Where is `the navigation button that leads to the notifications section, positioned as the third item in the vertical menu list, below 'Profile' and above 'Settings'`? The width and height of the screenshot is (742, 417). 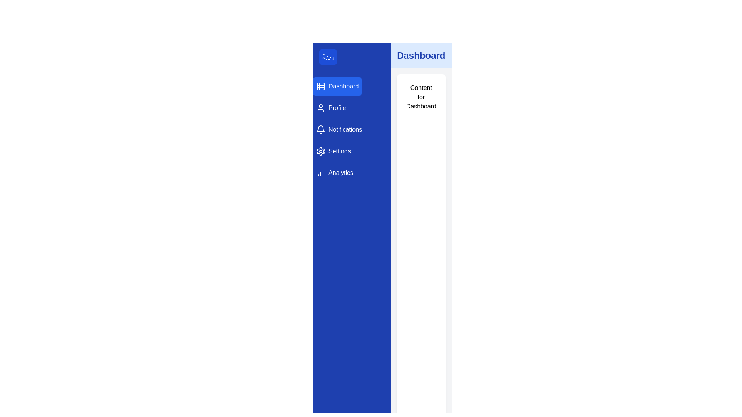
the navigation button that leads to the notifications section, positioned as the third item in the vertical menu list, below 'Profile' and above 'Settings' is located at coordinates (339, 129).